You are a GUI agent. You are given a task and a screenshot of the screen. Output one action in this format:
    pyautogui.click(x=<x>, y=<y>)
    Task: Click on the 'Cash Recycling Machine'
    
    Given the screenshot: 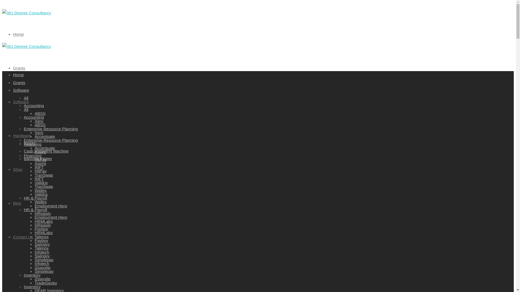 What is the action you would take?
    pyautogui.click(x=46, y=151)
    